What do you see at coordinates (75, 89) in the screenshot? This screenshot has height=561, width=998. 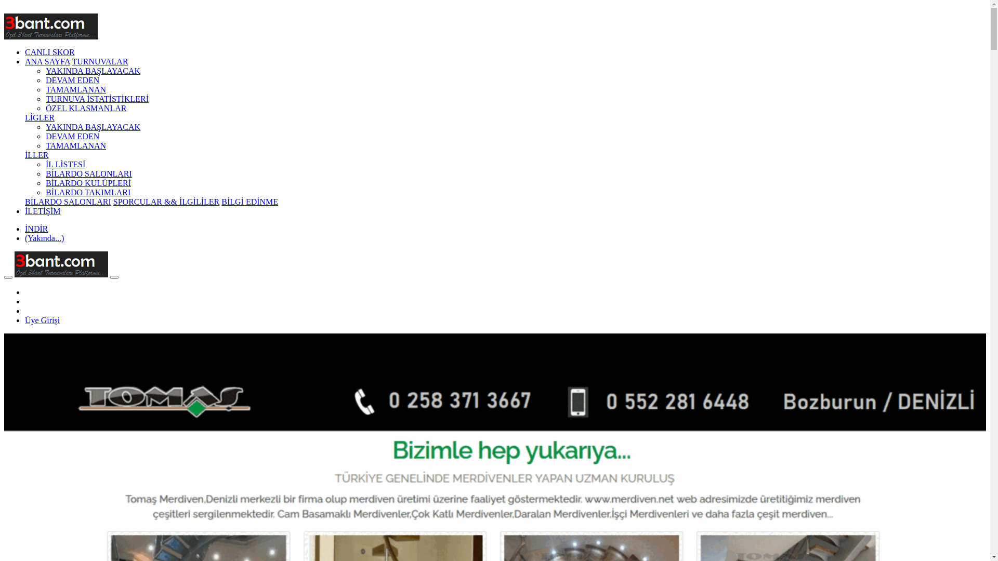 I see `'TAMAMLANAN'` at bounding box center [75, 89].